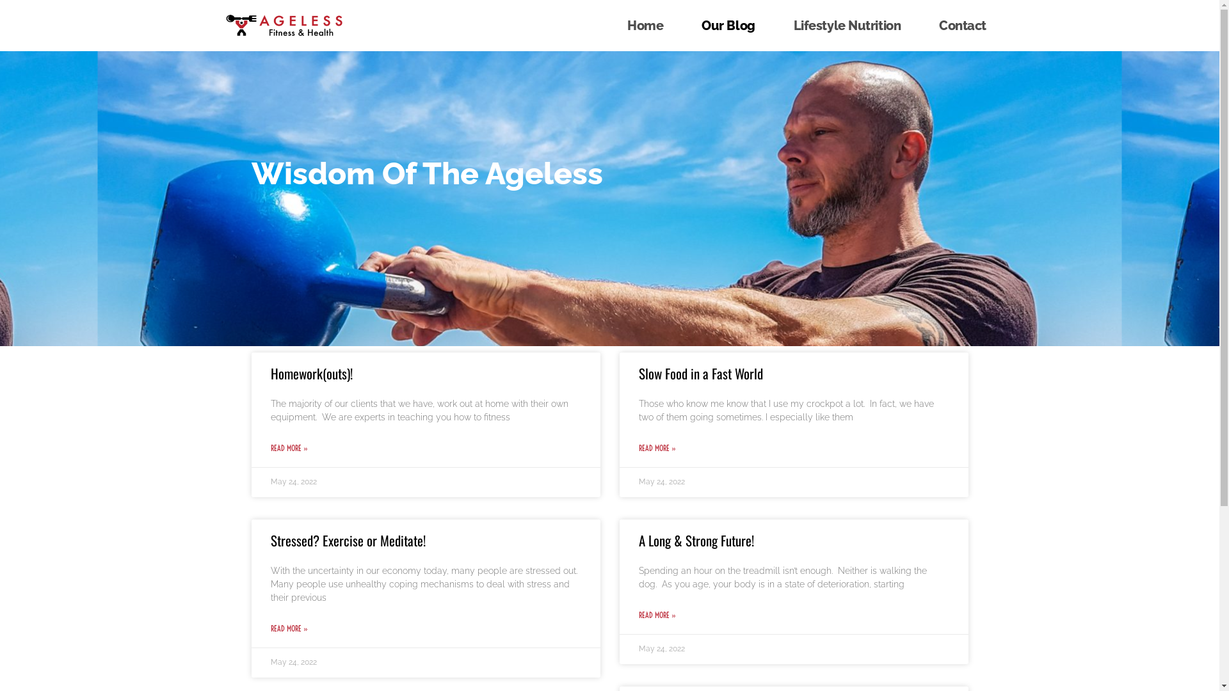 Image resolution: width=1229 pixels, height=691 pixels. What do you see at coordinates (847, 25) in the screenshot?
I see `'Lifestyle Nutrition'` at bounding box center [847, 25].